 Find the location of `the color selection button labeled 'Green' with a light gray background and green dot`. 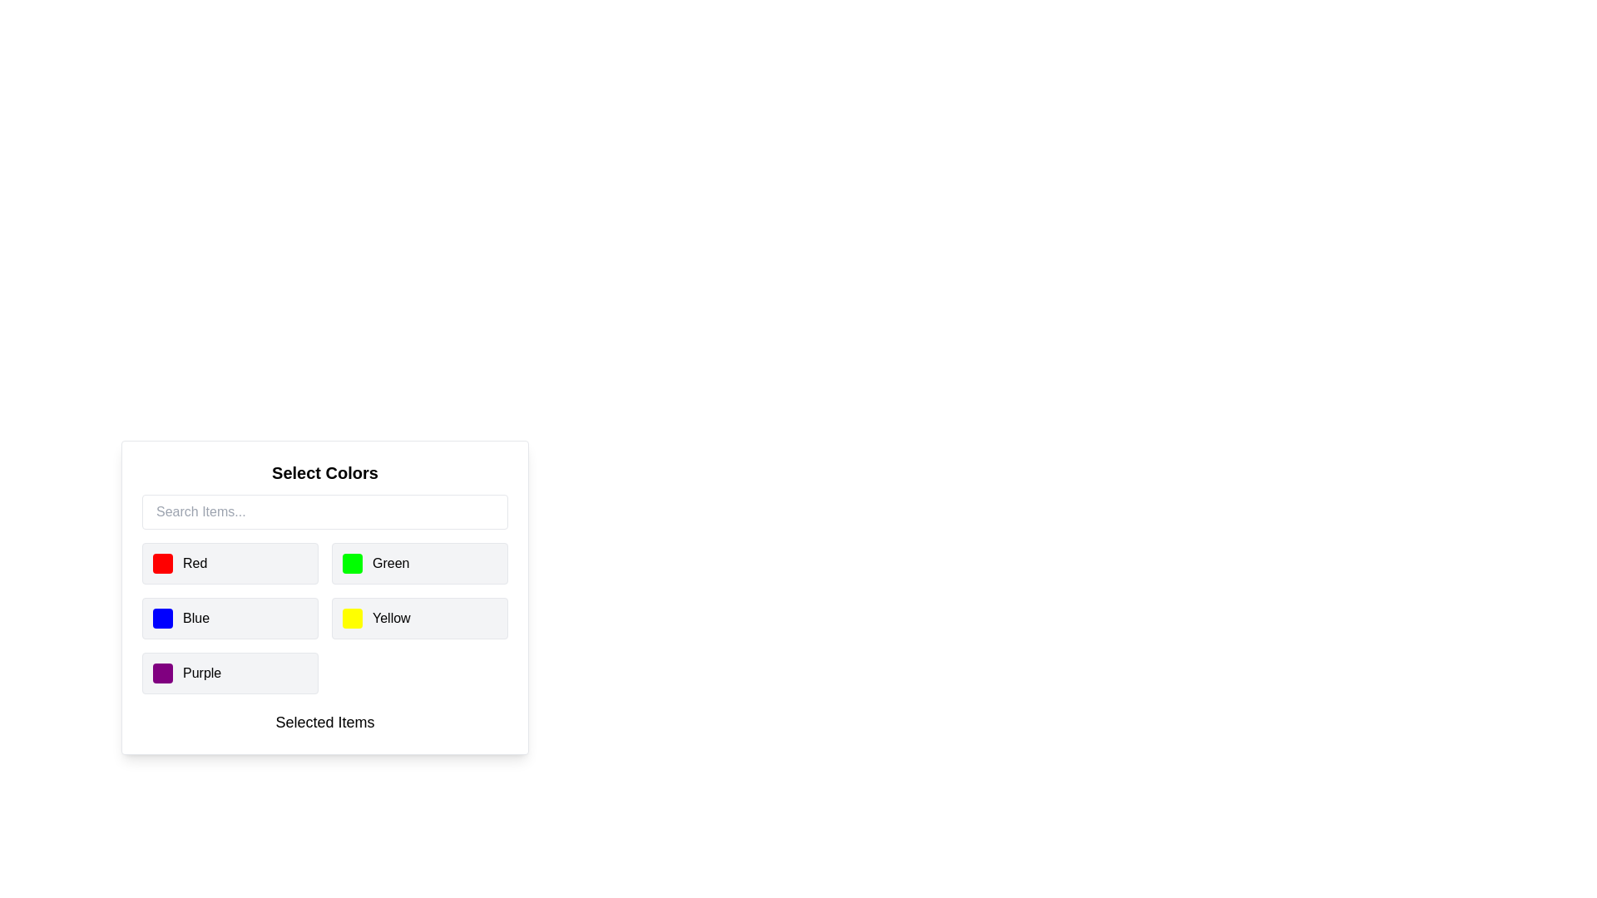

the color selection button labeled 'Green' with a light gray background and green dot is located at coordinates (419, 563).